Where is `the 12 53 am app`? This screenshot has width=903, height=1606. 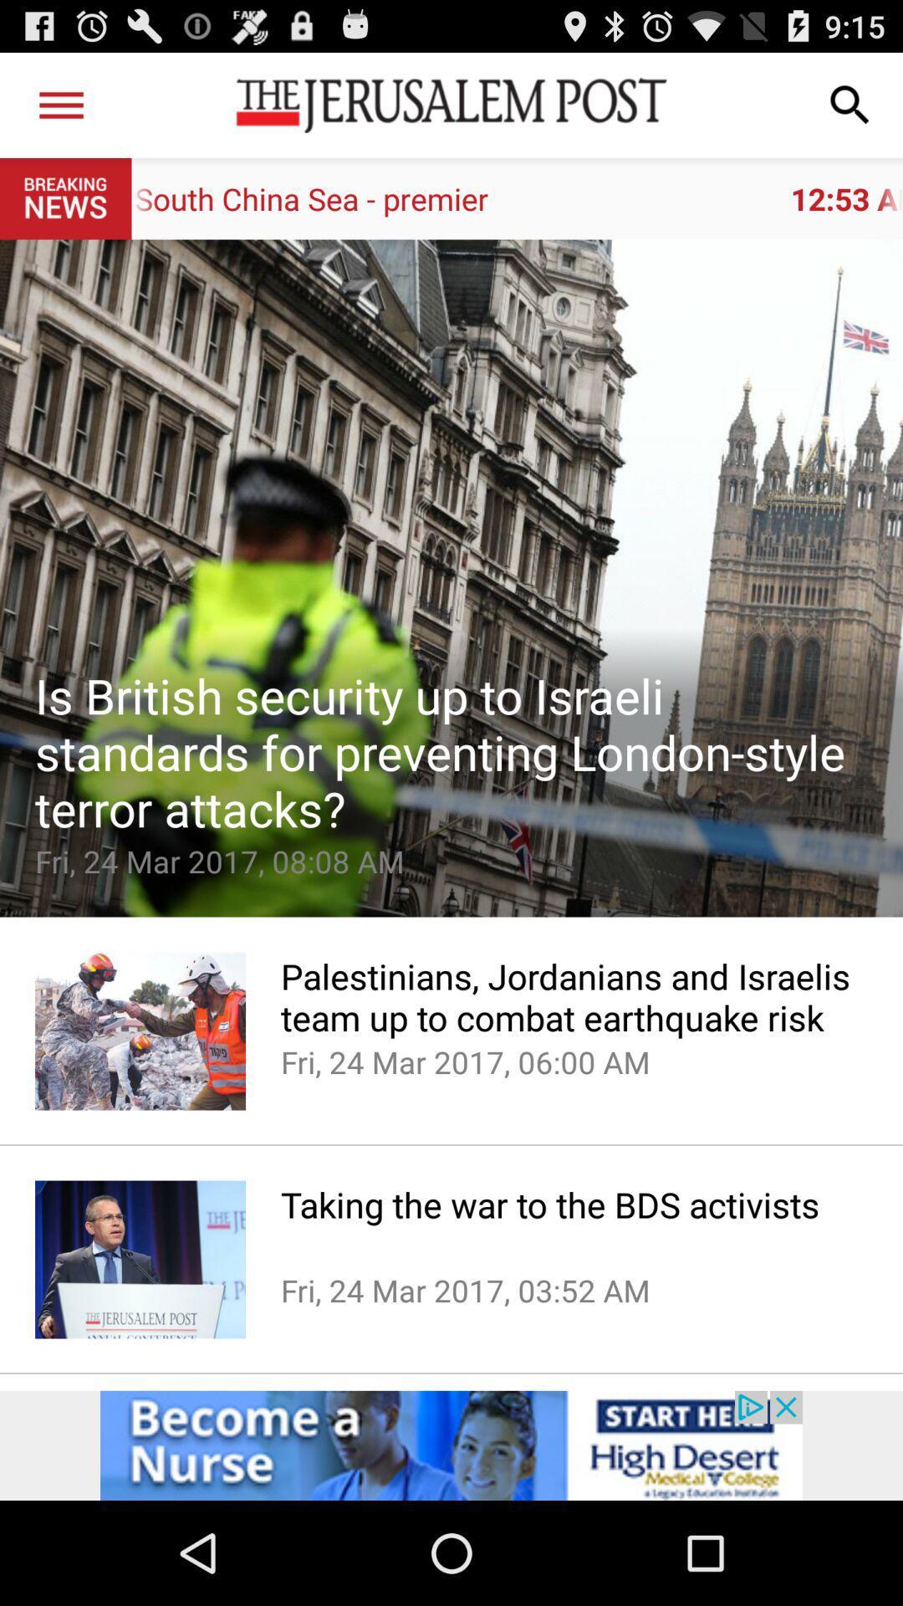 the 12 53 am app is located at coordinates (516, 198).